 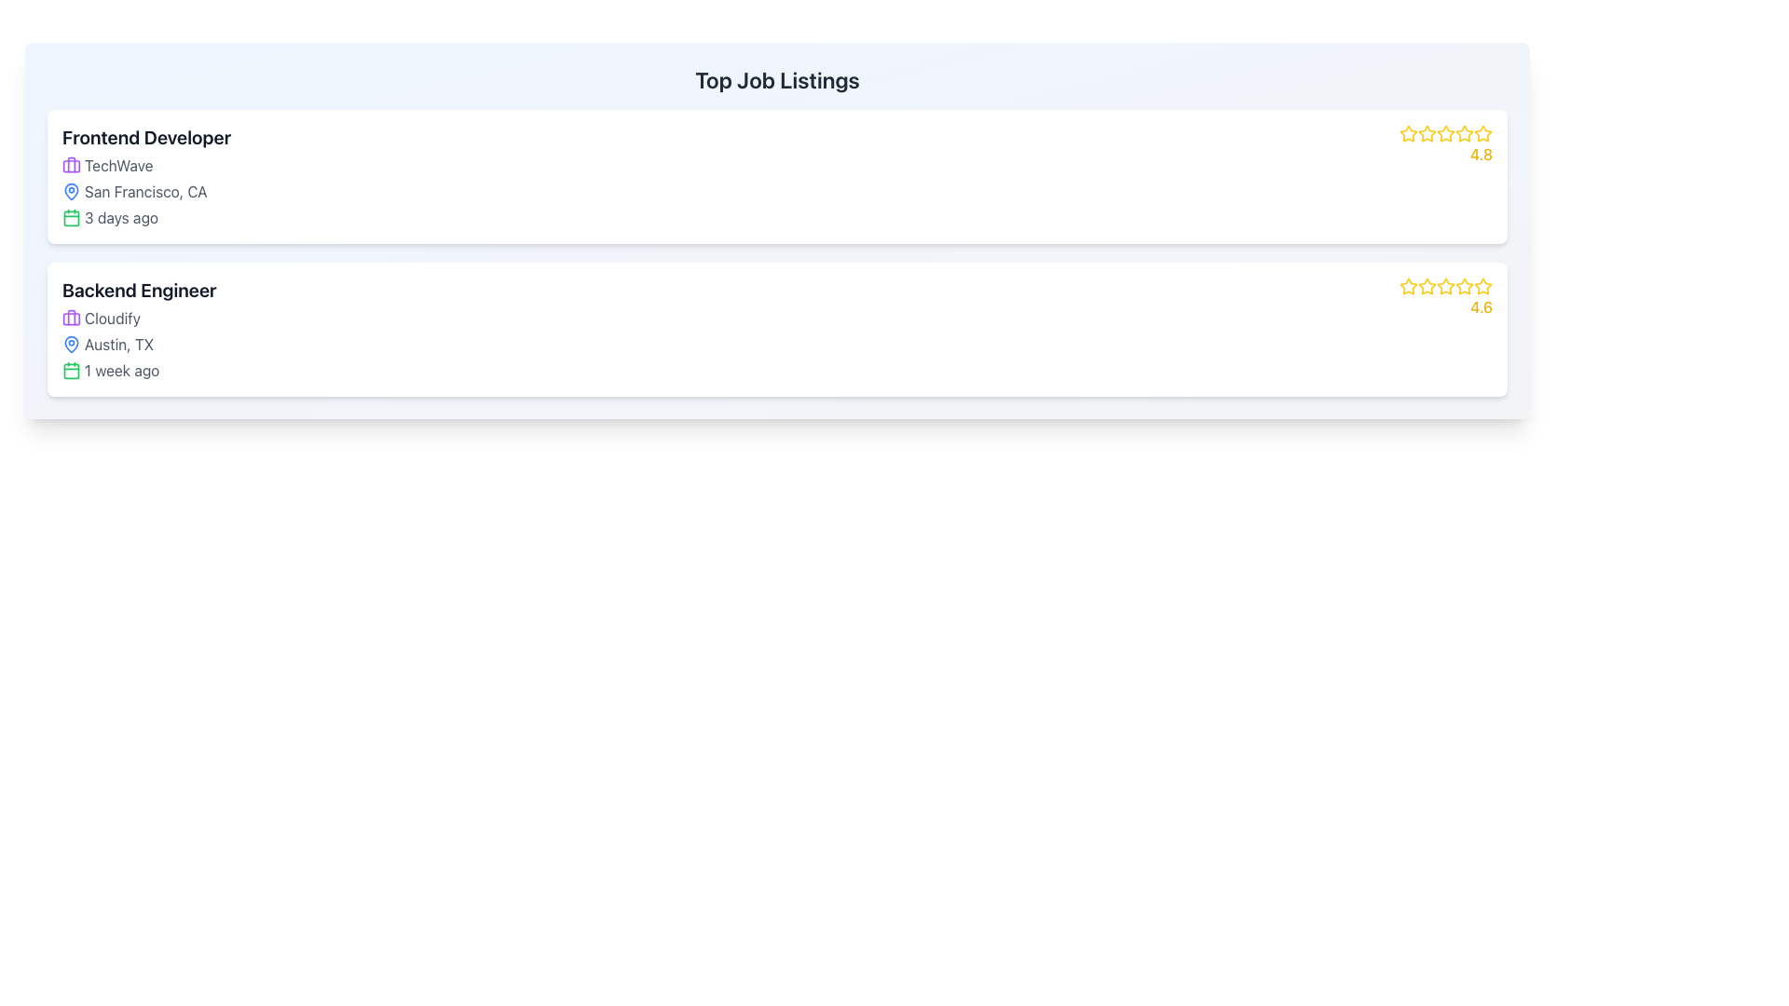 What do you see at coordinates (71, 217) in the screenshot?
I see `the calendar icon located at the top left of the first job listing card, which is positioned before the text '3 days ago.'` at bounding box center [71, 217].